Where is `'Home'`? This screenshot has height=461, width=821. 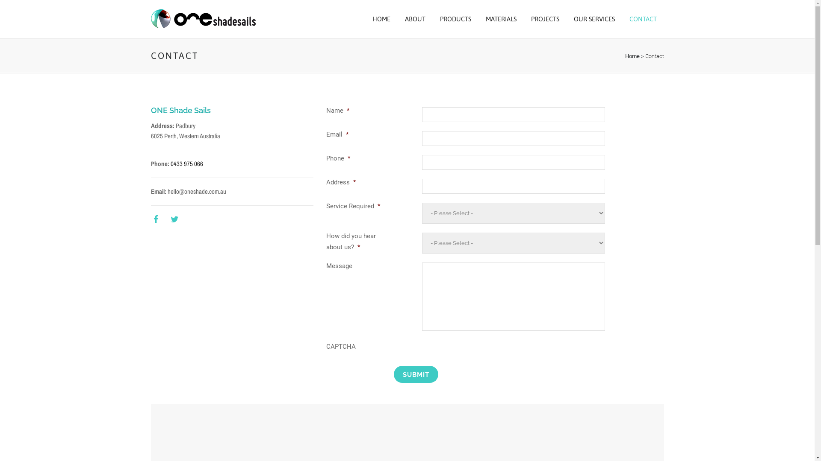
'Home' is located at coordinates (632, 56).